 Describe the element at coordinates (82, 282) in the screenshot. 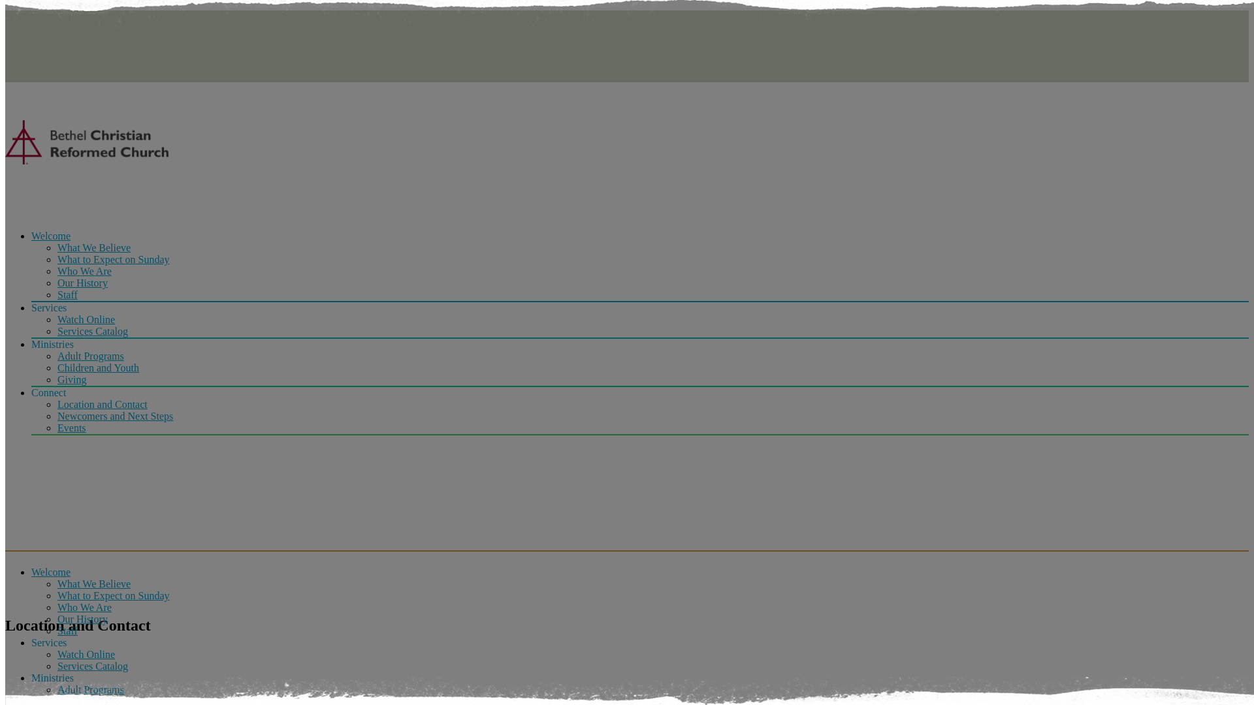

I see `'Our History'` at that location.